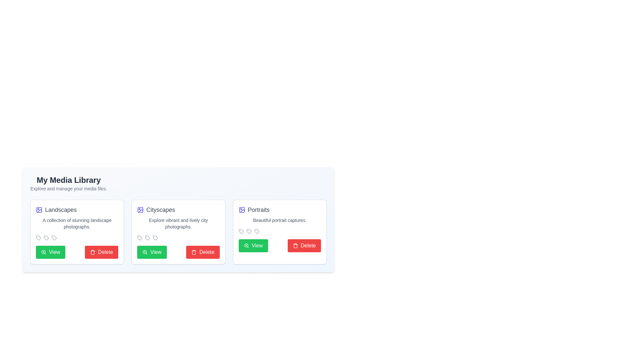  What do you see at coordinates (105, 252) in the screenshot?
I see `displayed text on the 'Delete' button, which is a bold, white font on a bright red background, indicating a cautionary action` at bounding box center [105, 252].